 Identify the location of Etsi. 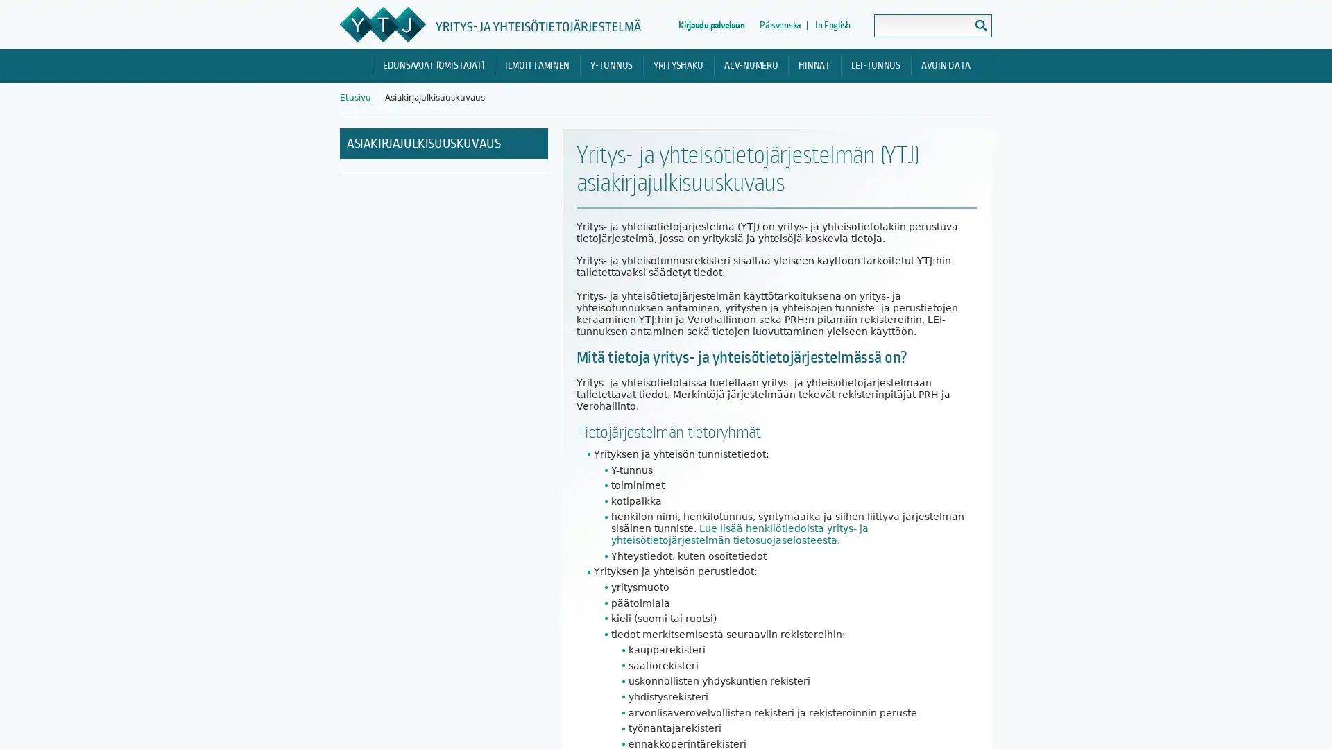
(980, 26).